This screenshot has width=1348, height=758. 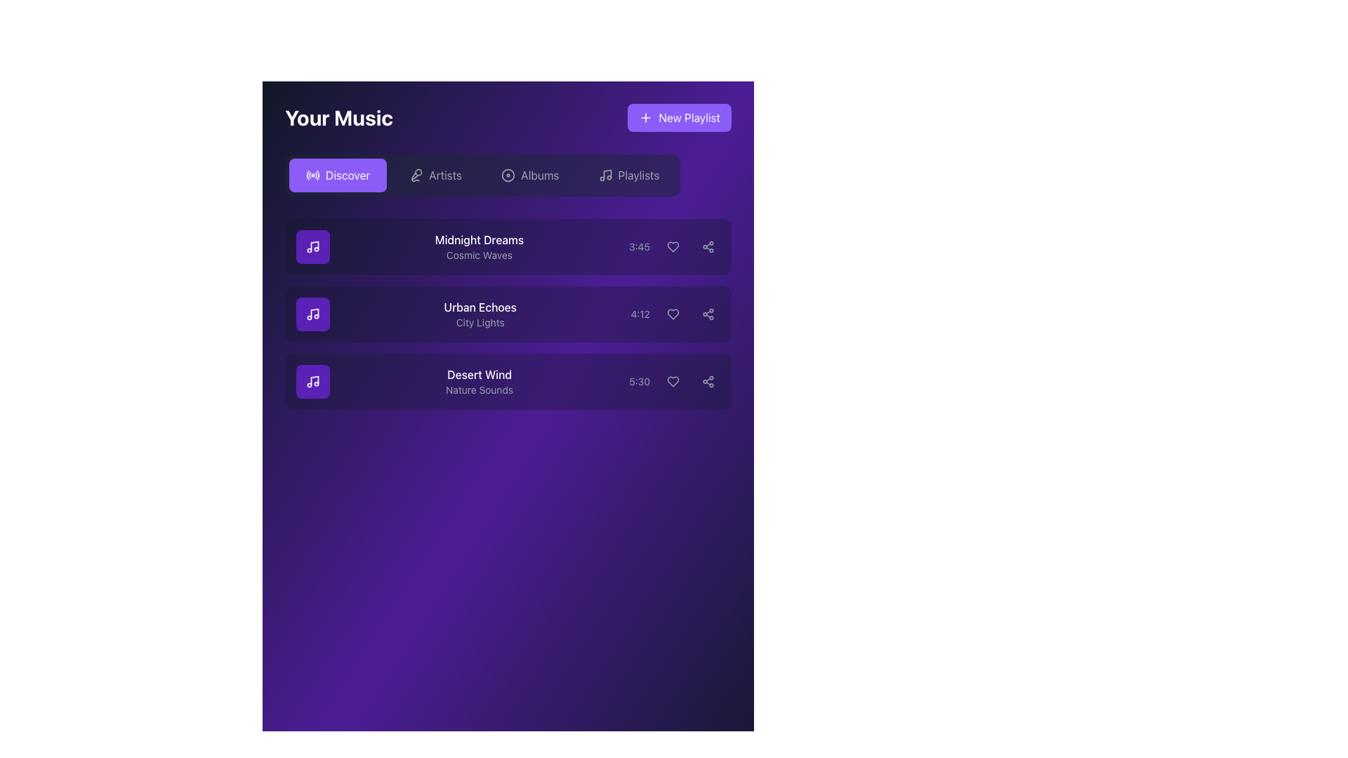 What do you see at coordinates (675, 381) in the screenshot?
I see `the 'like' button for the 'Desert Wind' track, which is the second of three interactive elements aligned horizontally to the right of the '5:30' time text` at bounding box center [675, 381].